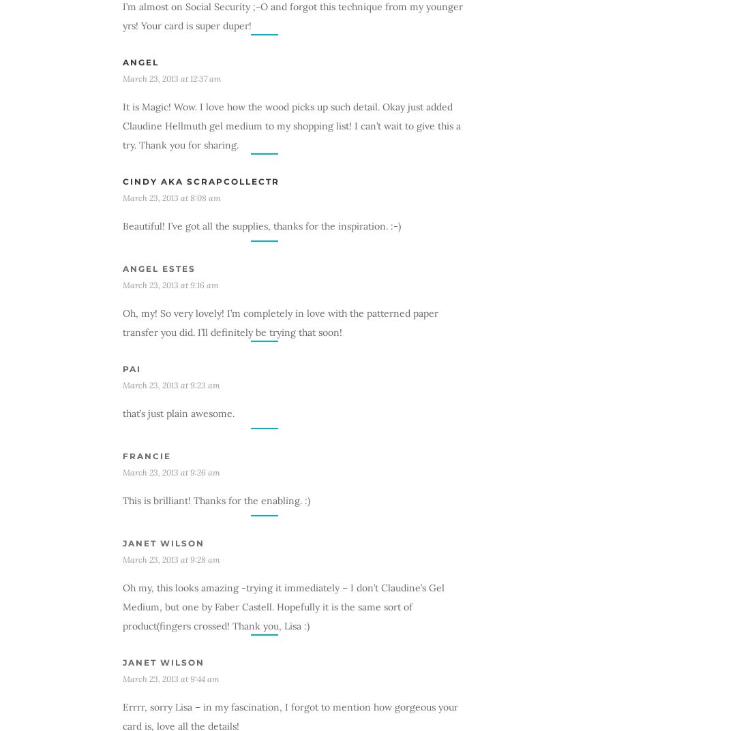 The width and height of the screenshot is (750, 731). I want to click on 'March 23, 2013 at 9:23 am', so click(171, 384).